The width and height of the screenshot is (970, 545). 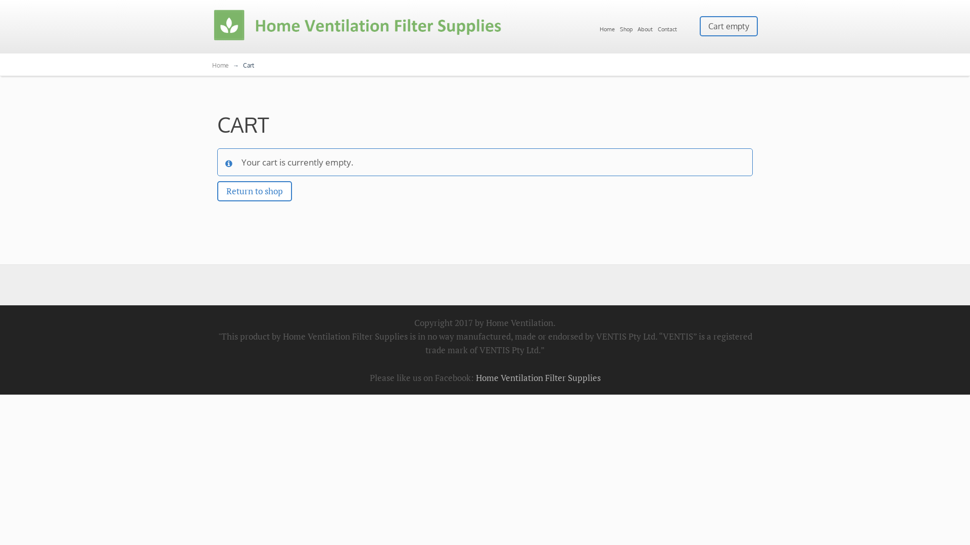 What do you see at coordinates (243, 124) in the screenshot?
I see `'CART'` at bounding box center [243, 124].